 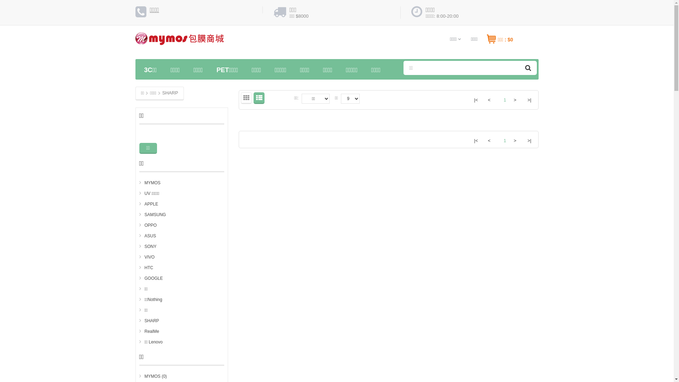 What do you see at coordinates (146, 267) in the screenshot?
I see `'HTC'` at bounding box center [146, 267].